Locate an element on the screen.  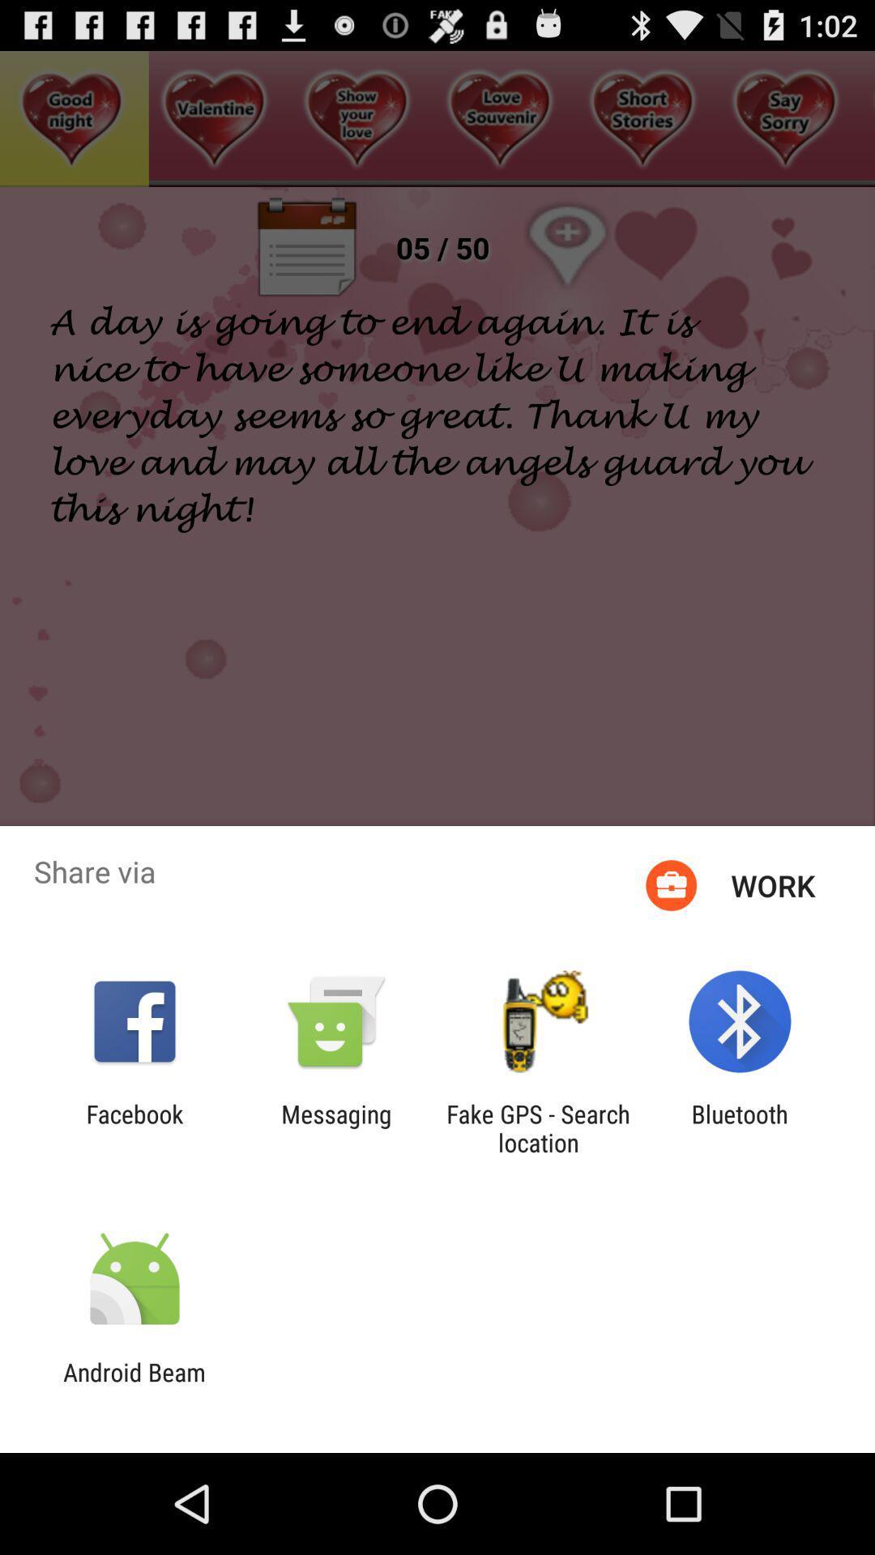
the android beam app is located at coordinates (134, 1386).